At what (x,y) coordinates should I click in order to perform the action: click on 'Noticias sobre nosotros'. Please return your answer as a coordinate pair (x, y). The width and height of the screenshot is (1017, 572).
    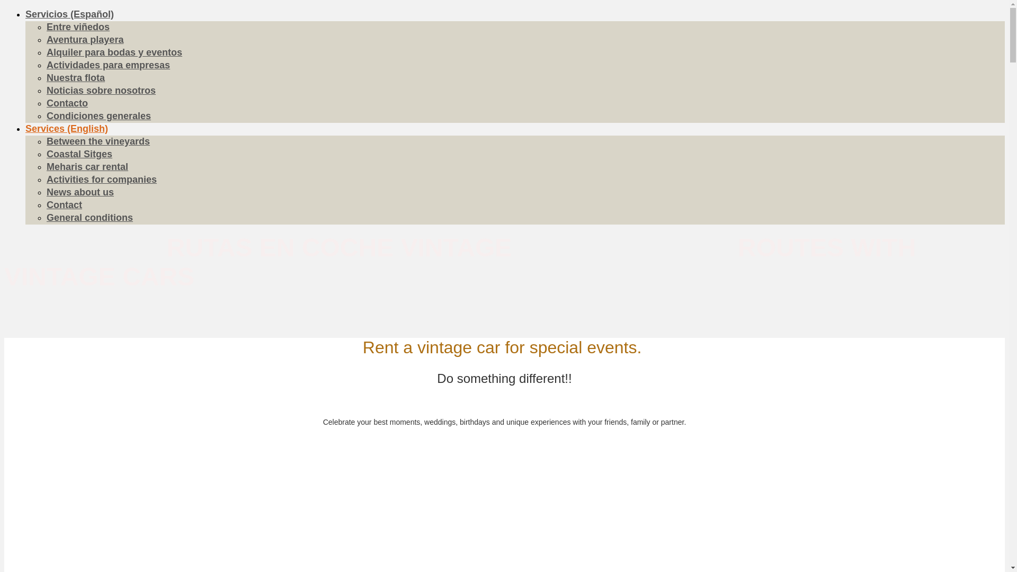
    Looking at the image, I should click on (101, 90).